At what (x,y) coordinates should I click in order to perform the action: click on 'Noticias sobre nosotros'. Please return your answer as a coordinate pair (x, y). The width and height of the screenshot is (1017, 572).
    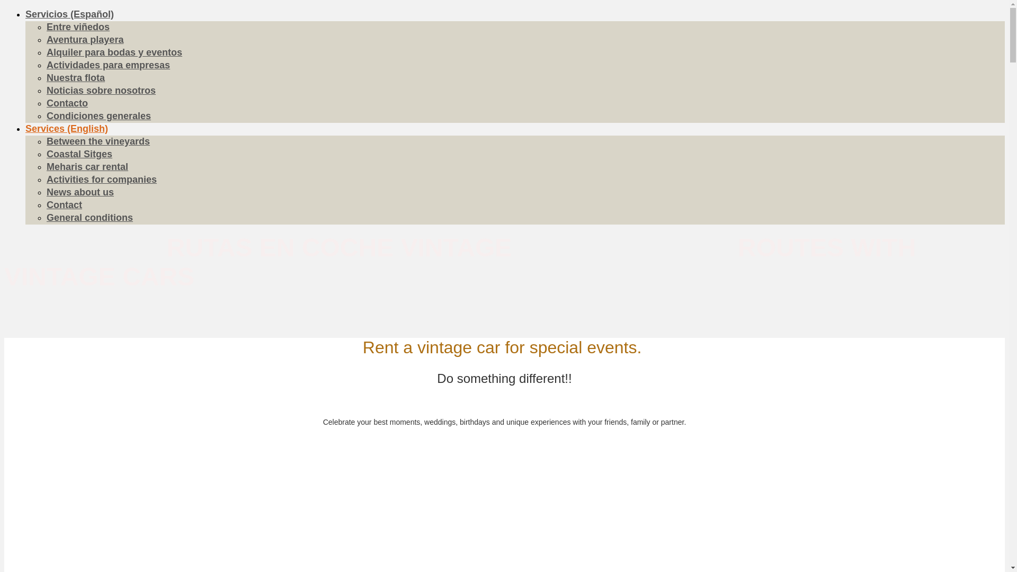
    Looking at the image, I should click on (101, 90).